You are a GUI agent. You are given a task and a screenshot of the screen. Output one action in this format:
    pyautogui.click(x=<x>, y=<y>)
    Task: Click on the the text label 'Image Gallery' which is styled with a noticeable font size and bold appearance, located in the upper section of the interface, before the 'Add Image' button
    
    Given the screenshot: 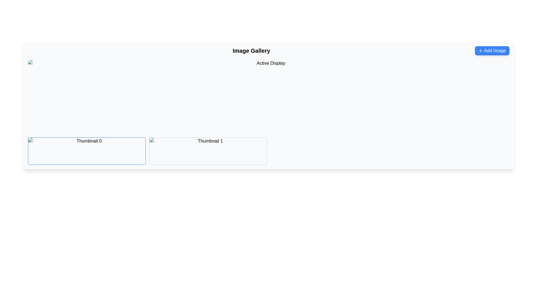 What is the action you would take?
    pyautogui.click(x=251, y=50)
    